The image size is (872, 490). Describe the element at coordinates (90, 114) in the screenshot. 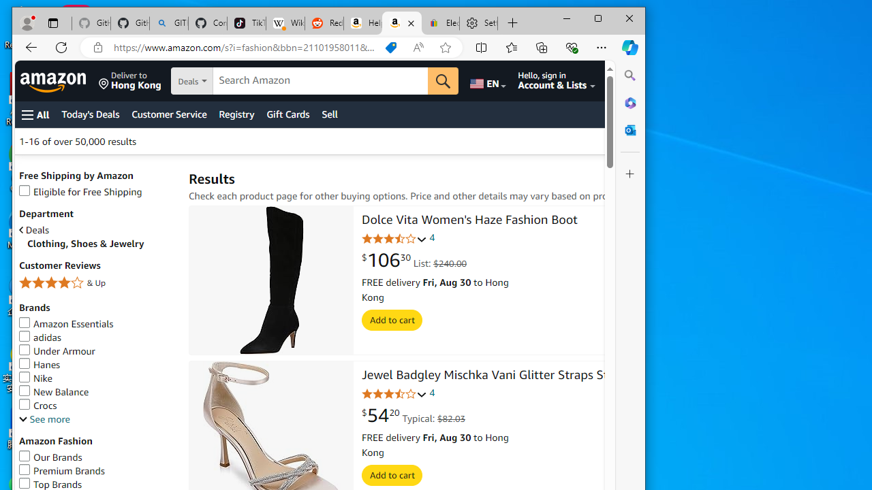

I see `'Today'` at that location.